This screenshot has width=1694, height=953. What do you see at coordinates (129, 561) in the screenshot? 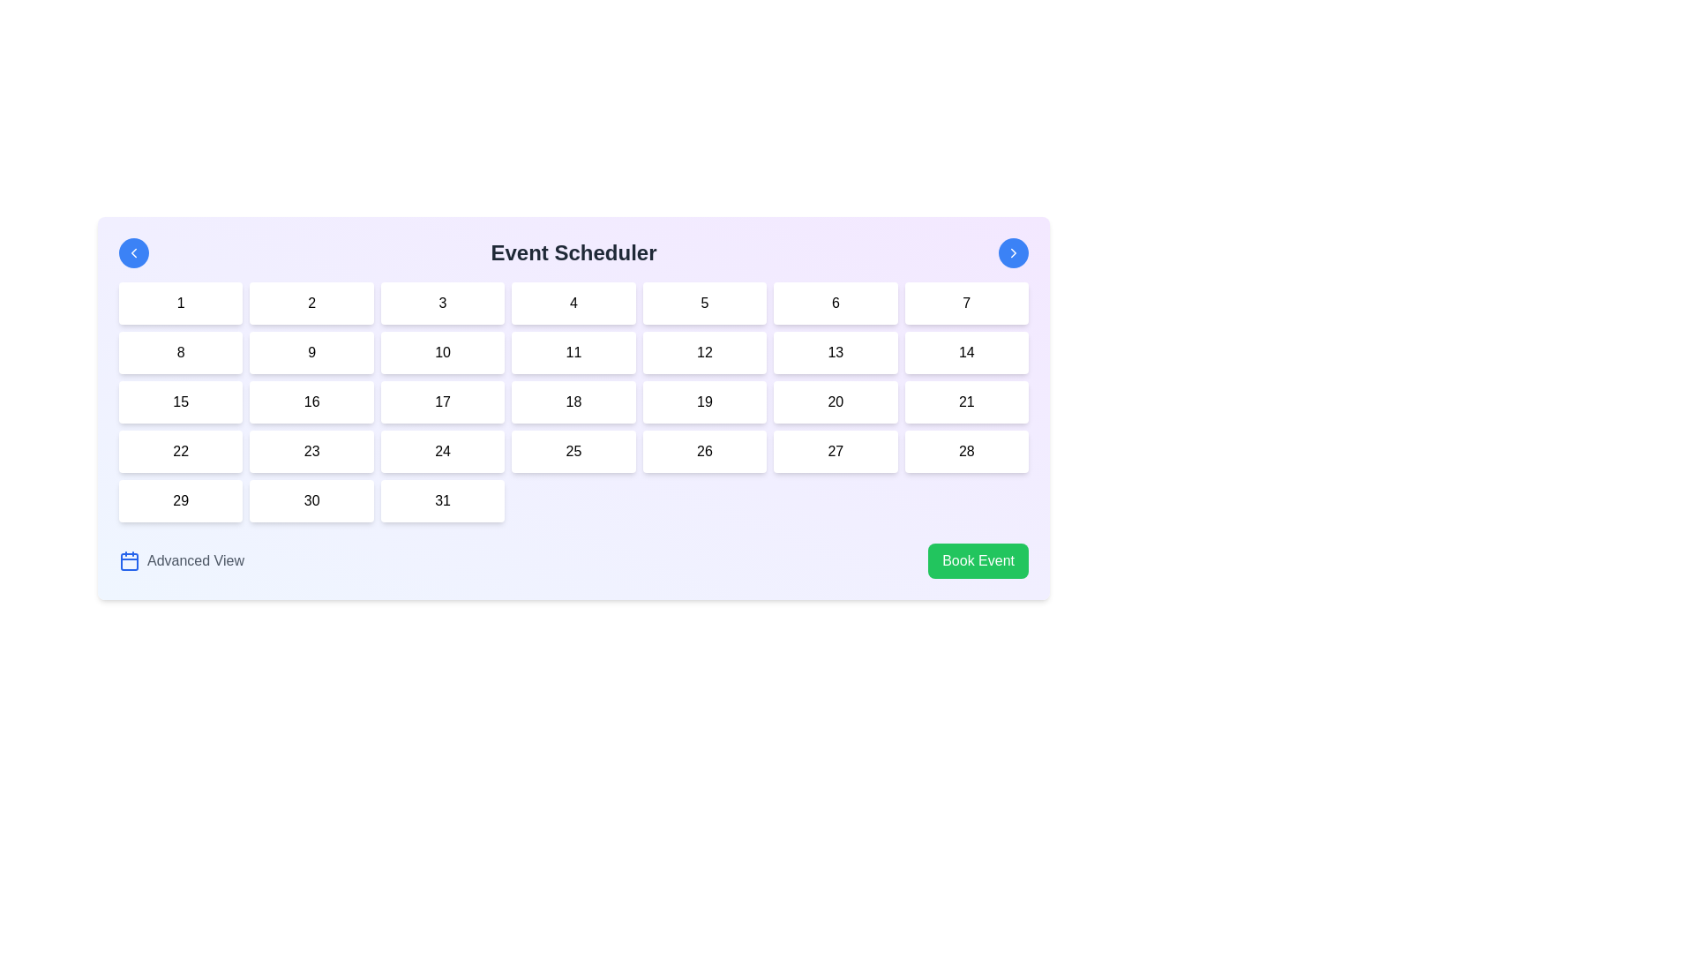
I see `the Decorative Icon Part, which is a rounded rectangle located within the calendar icon in the bottom left corner of the interface, central to the icon and associated with the 'Advanced View' label` at bounding box center [129, 561].